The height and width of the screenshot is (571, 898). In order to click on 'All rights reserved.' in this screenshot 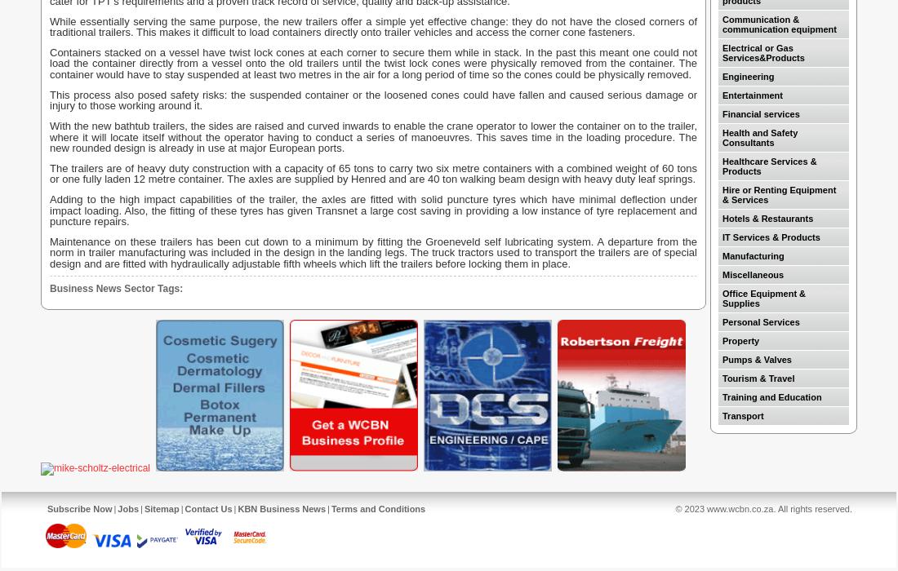, I will do `click(813, 508)`.